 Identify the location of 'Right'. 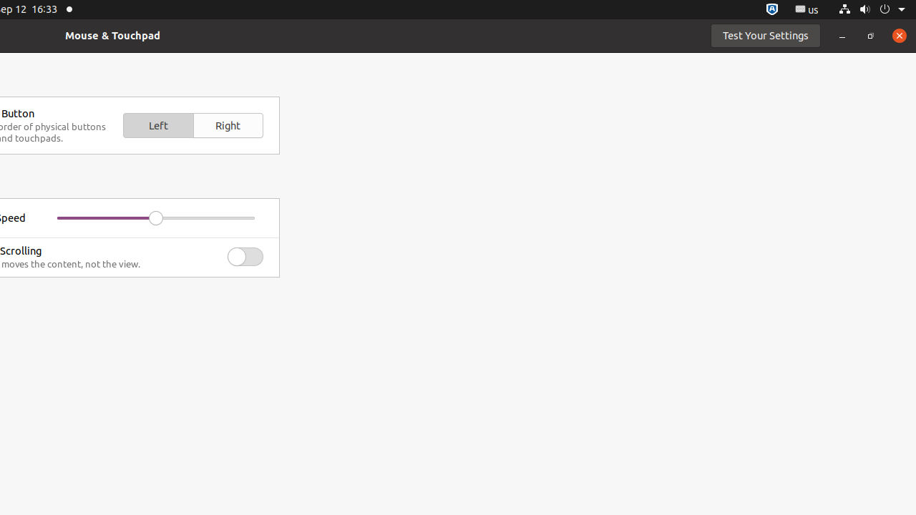
(227, 124).